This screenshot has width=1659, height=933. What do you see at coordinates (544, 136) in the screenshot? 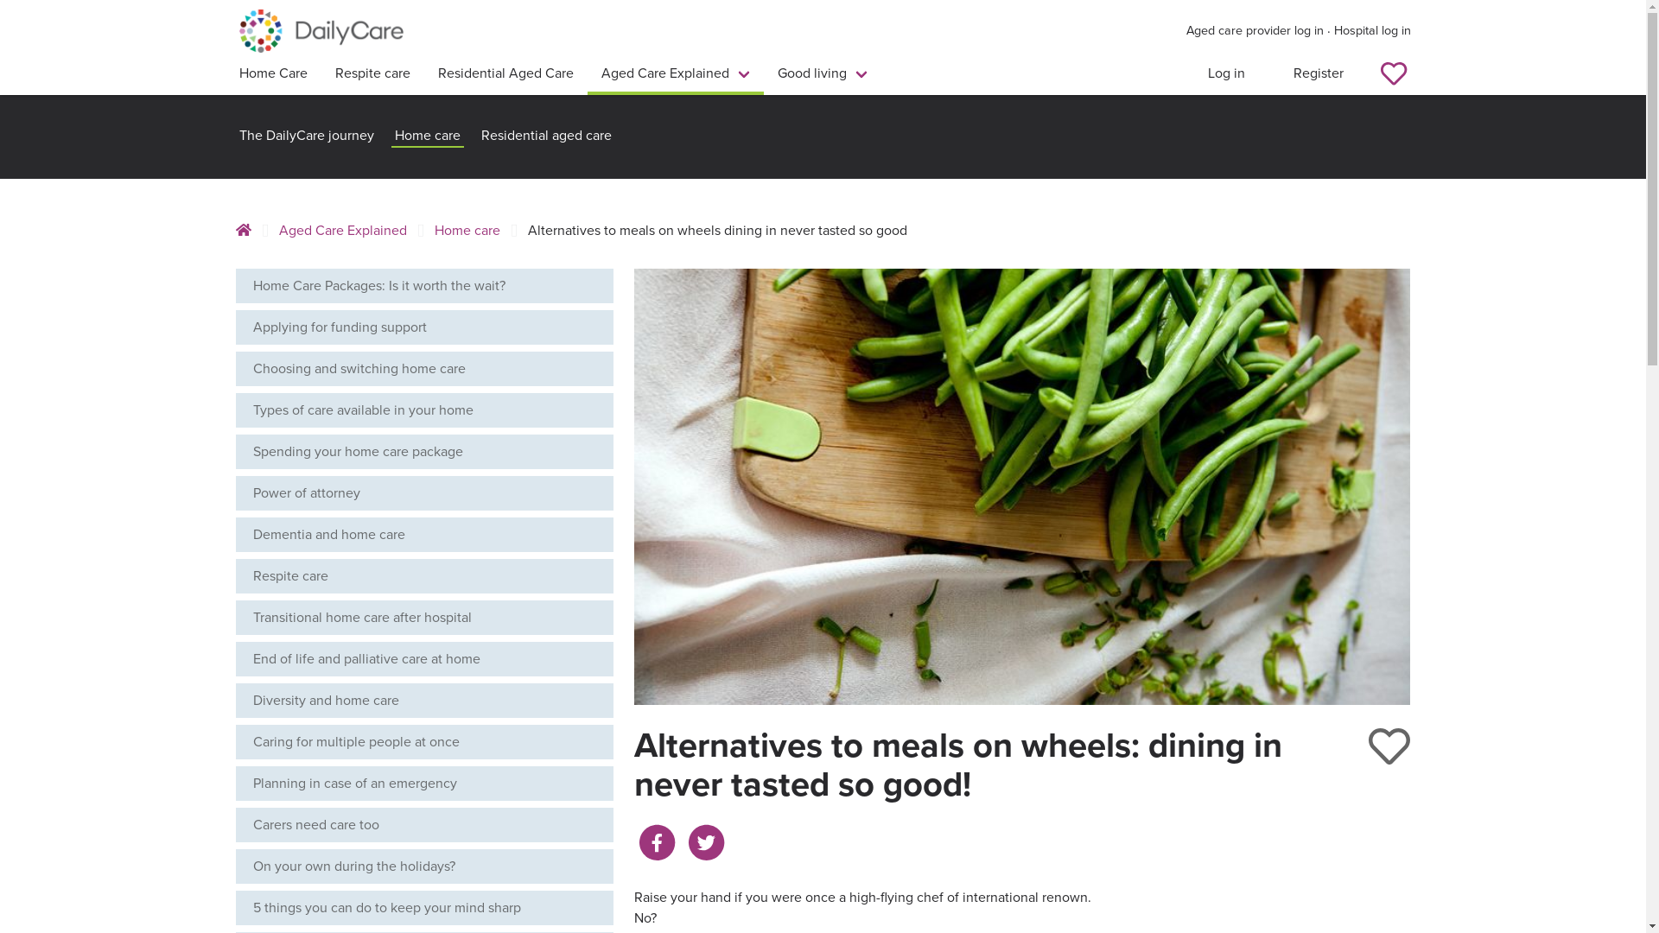
I see `'Residential aged care'` at bounding box center [544, 136].